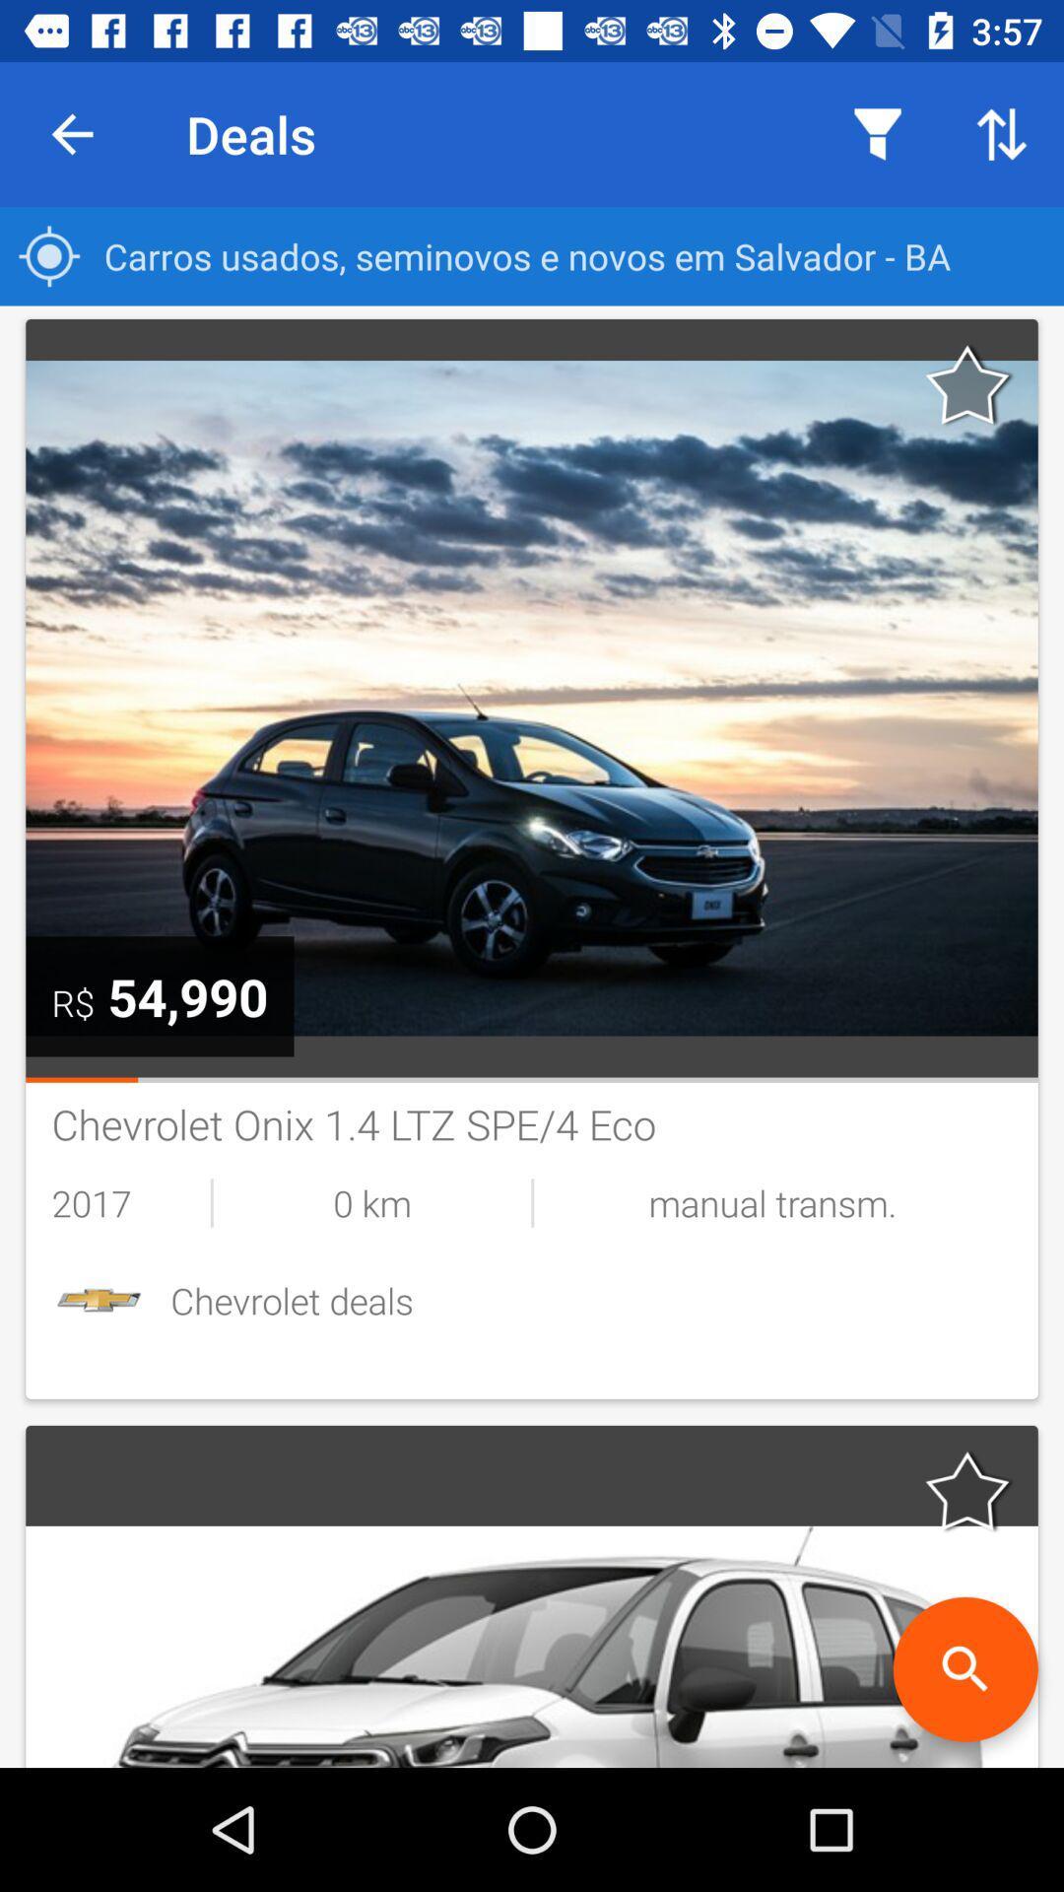  I want to click on item to the left of deals item, so click(71, 133).